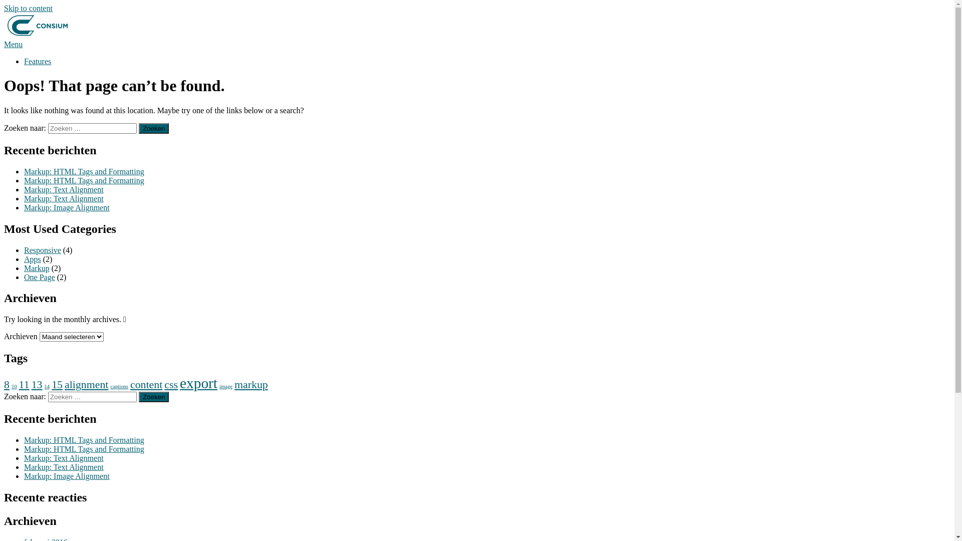 The image size is (962, 541). Describe the element at coordinates (138, 128) in the screenshot. I see `'Zoeken'` at that location.